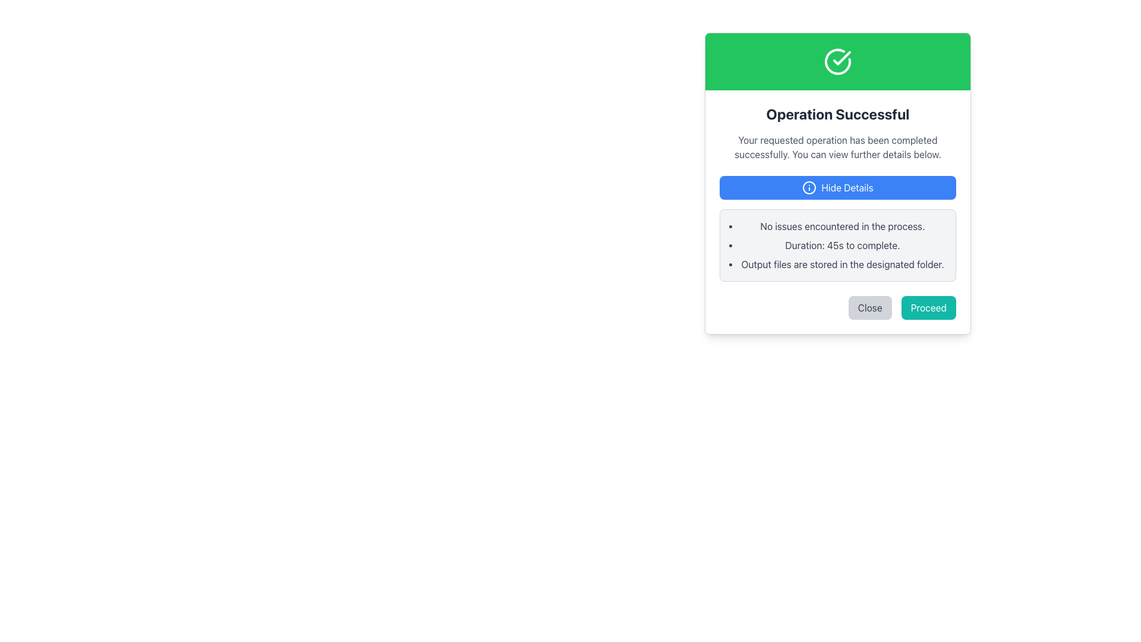 The image size is (1141, 642). Describe the element at coordinates (928, 307) in the screenshot. I see `the actionable button located in the bottom-right corner of the dialog box to confirm the current operation` at that location.